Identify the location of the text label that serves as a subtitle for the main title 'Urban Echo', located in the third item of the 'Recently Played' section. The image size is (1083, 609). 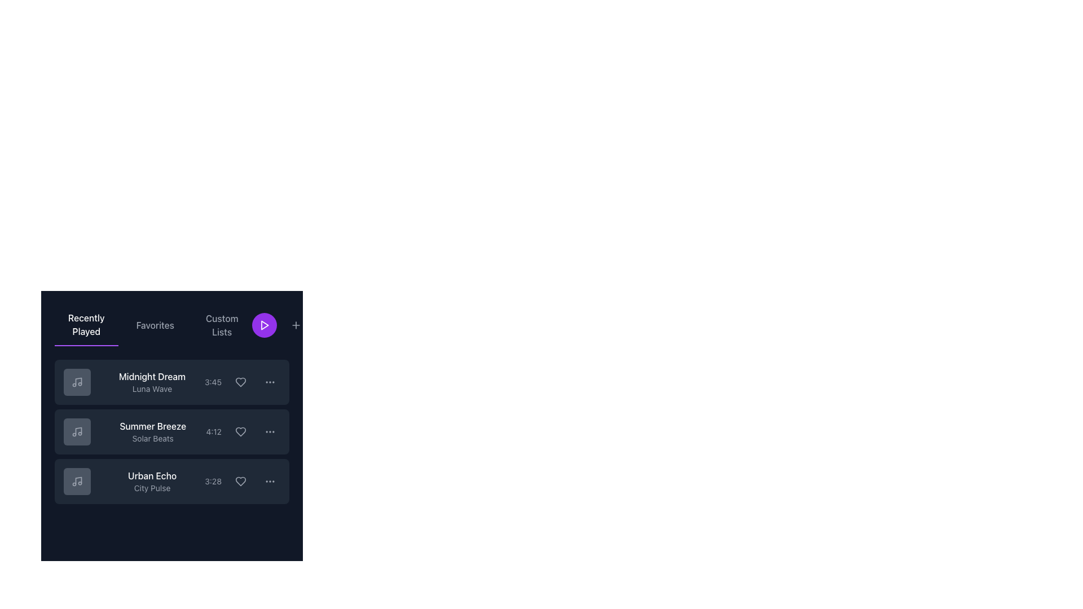
(152, 488).